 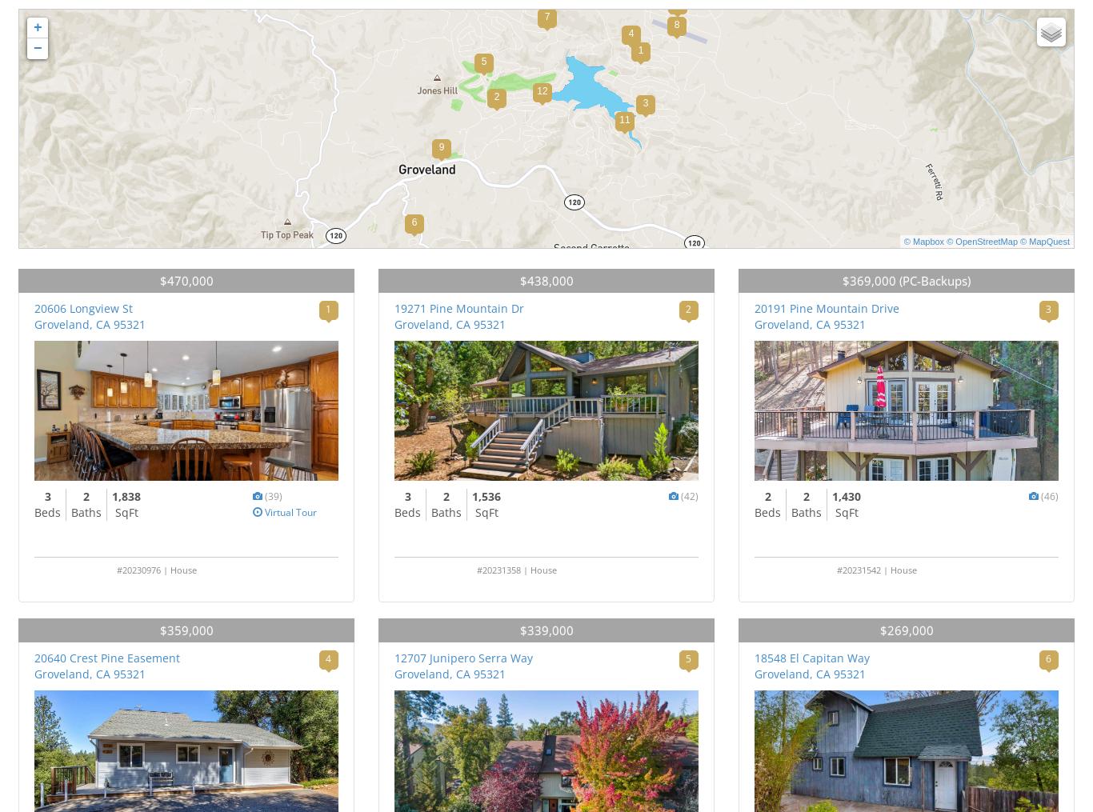 I want to click on '20640 Crest Pine Easement', so click(x=106, y=658).